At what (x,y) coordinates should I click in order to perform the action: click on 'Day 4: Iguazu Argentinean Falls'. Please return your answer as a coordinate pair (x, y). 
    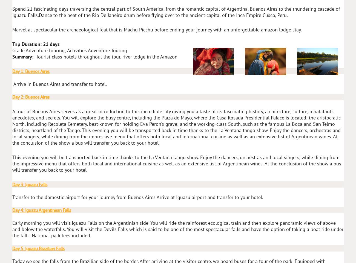
    Looking at the image, I should click on (12, 210).